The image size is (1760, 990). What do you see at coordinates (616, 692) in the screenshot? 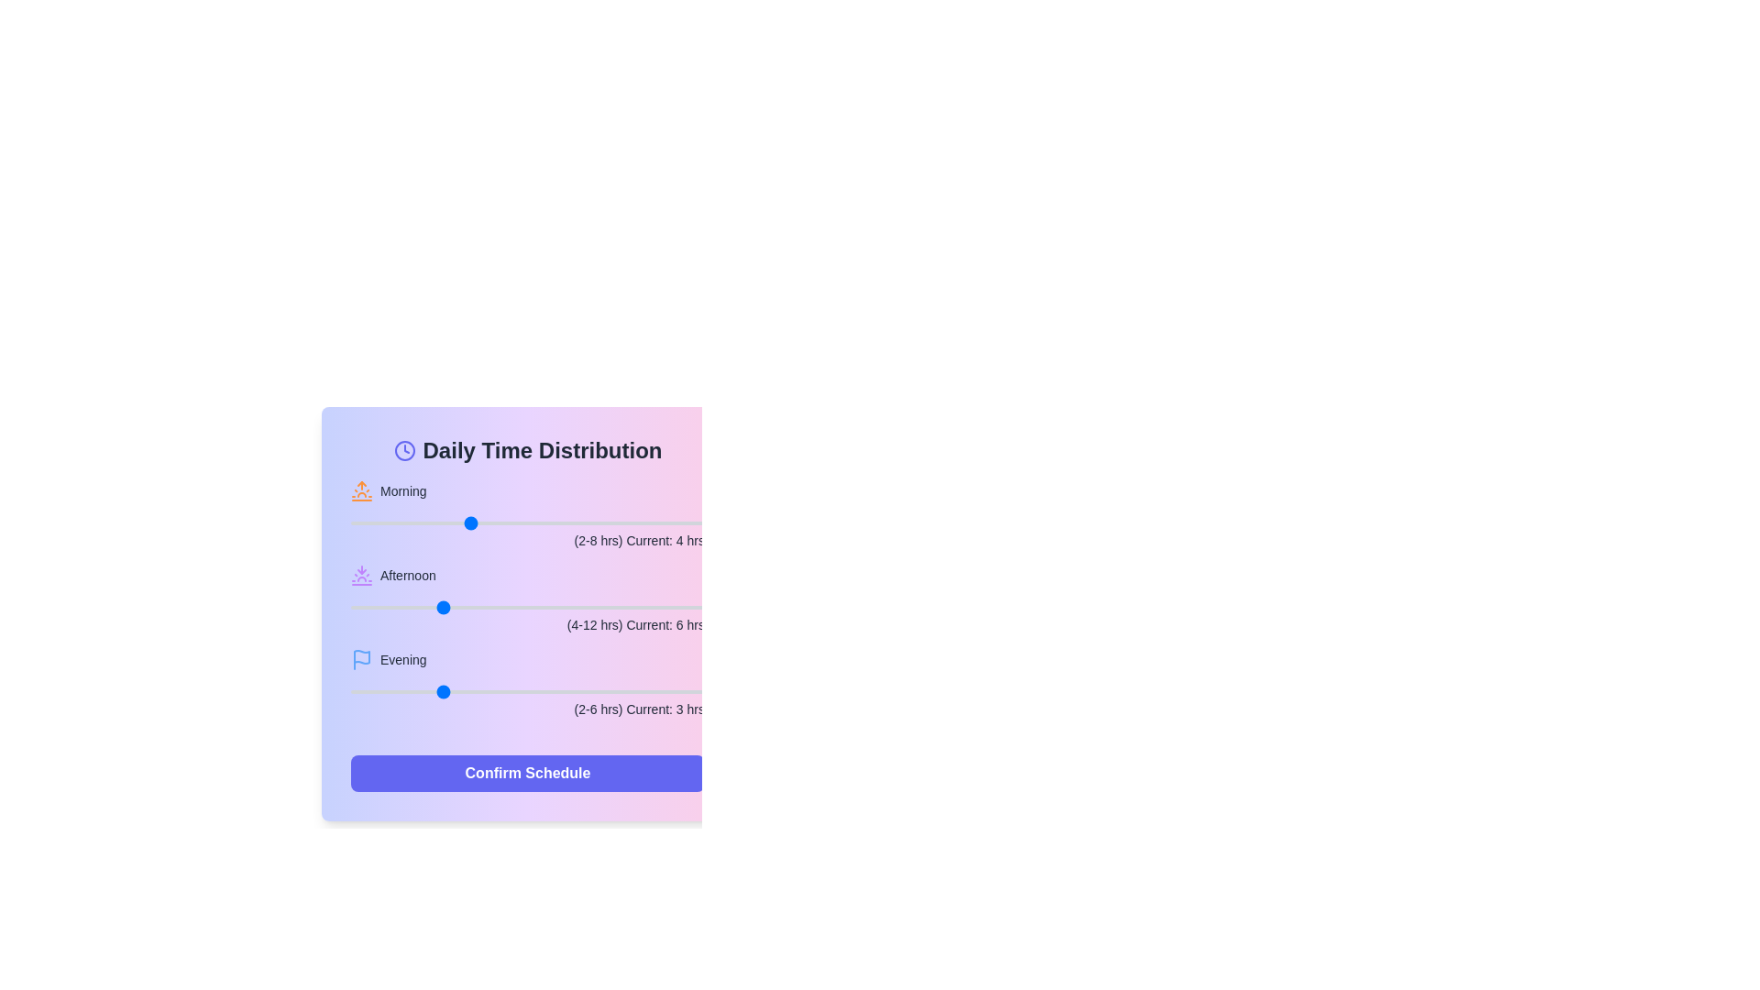
I see `the slider` at bounding box center [616, 692].